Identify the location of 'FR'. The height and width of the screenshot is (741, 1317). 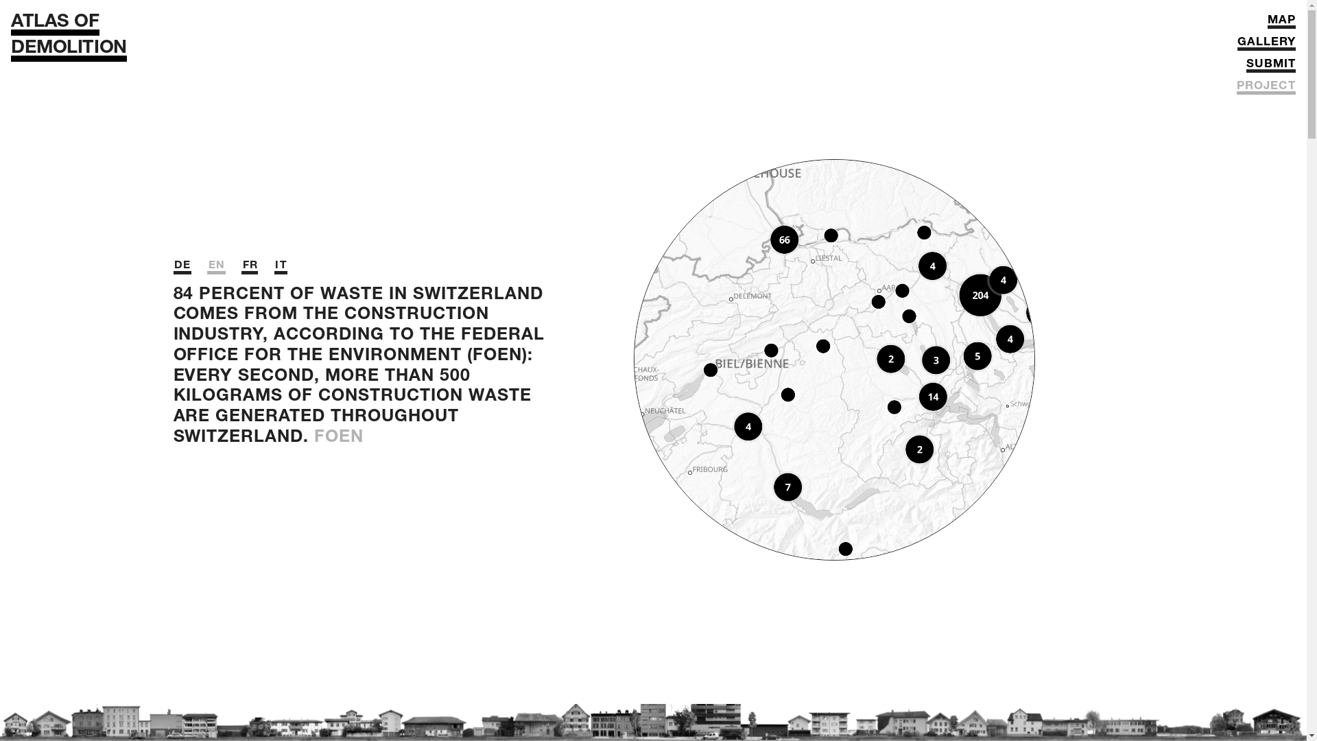
(250, 267).